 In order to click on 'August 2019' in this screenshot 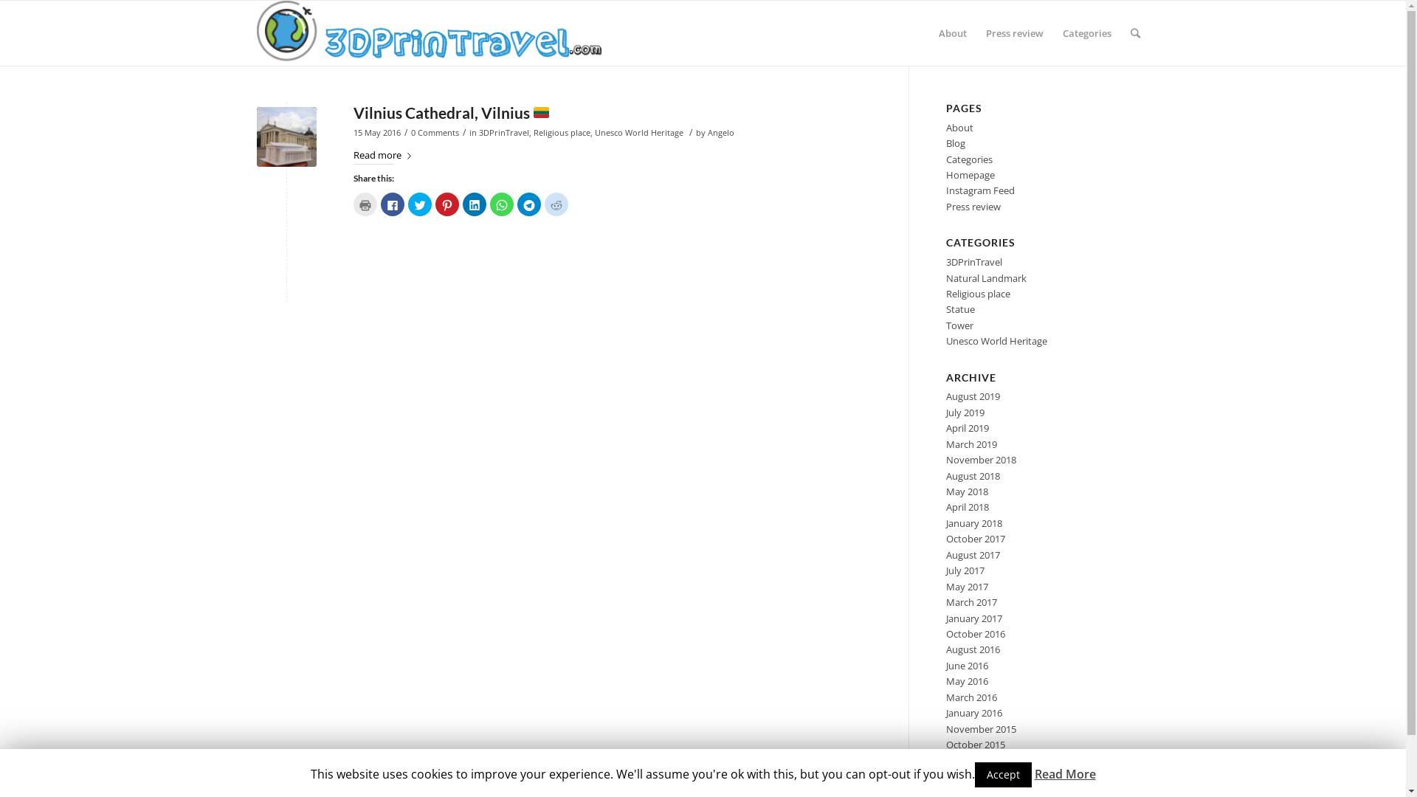, I will do `click(973, 395)`.